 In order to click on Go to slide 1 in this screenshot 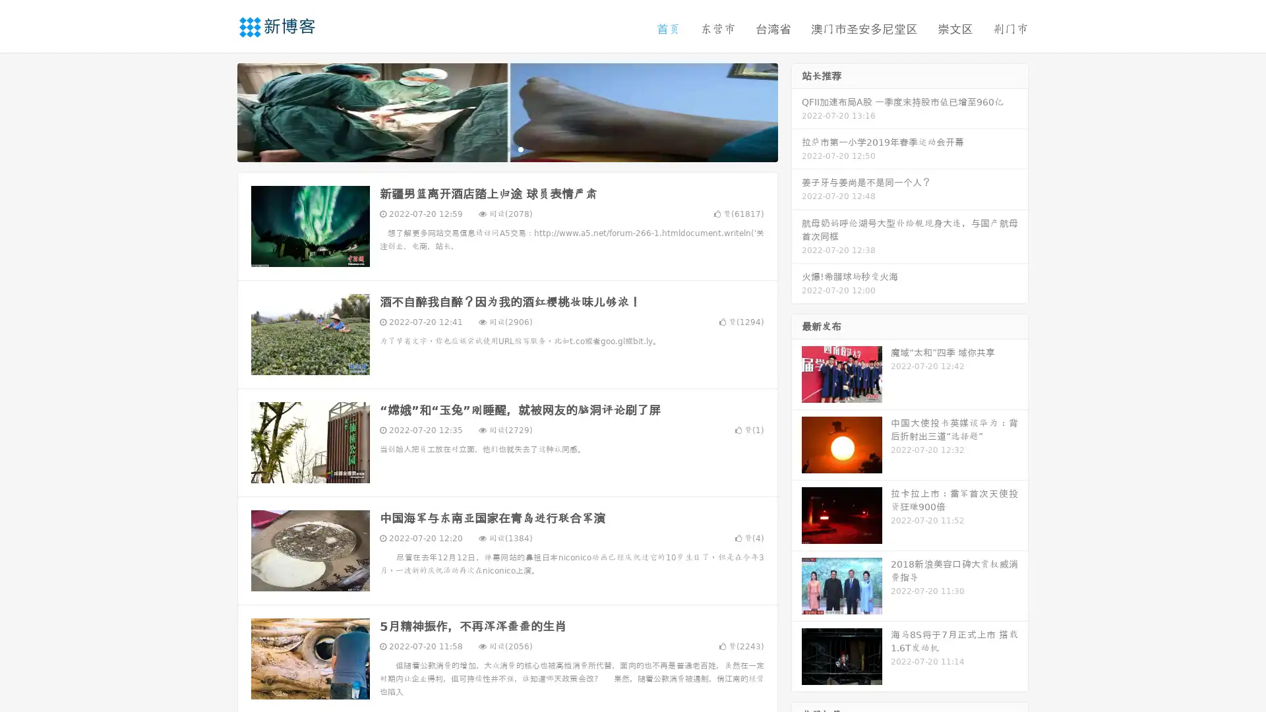, I will do `click(493, 148)`.